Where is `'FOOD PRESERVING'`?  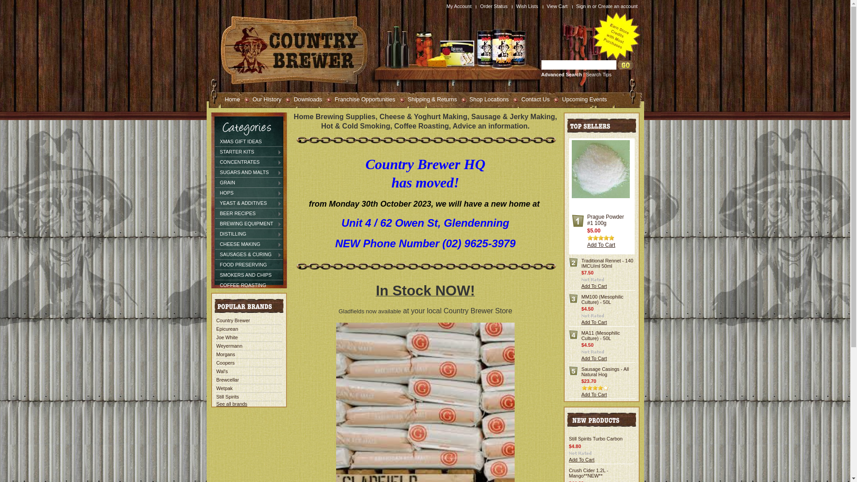
'FOOD PRESERVING' is located at coordinates (248, 264).